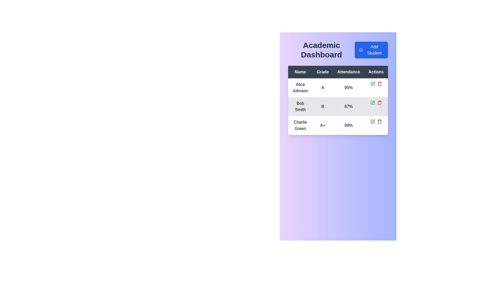  Describe the element at coordinates (348, 72) in the screenshot. I see `the 'Attendance' text label element, which is styled in white font against a dark background and is positioned in the third spot of a header row between 'Grade' and 'Actions'` at that location.